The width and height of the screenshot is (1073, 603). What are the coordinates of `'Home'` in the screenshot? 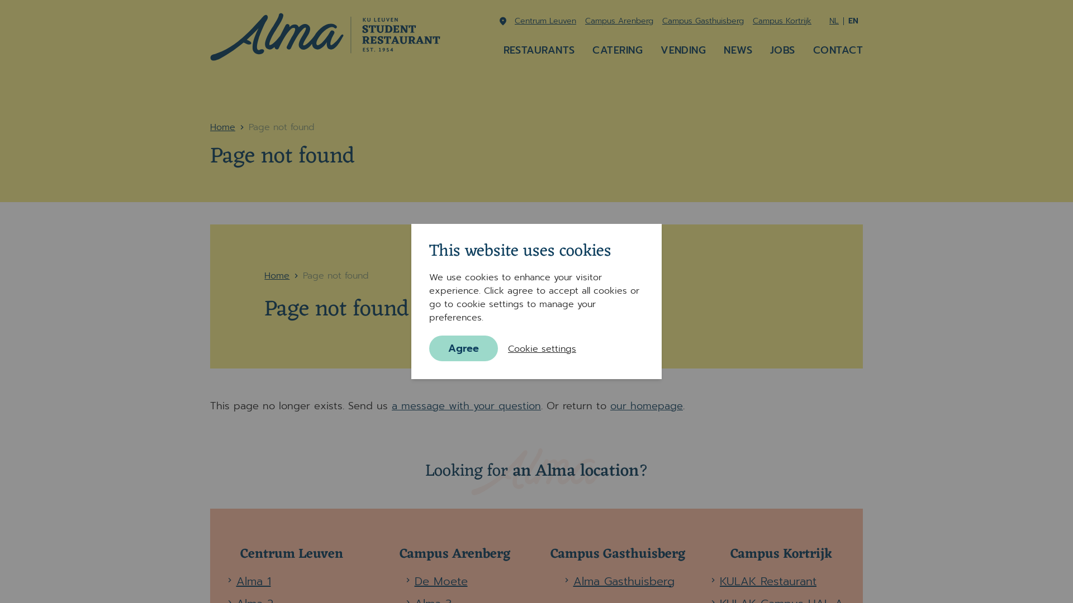 It's located at (222, 126).